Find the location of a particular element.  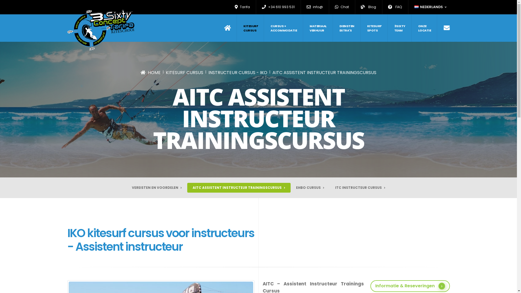

'VEREISTEN EN VOORDELEN' is located at coordinates (156, 187).